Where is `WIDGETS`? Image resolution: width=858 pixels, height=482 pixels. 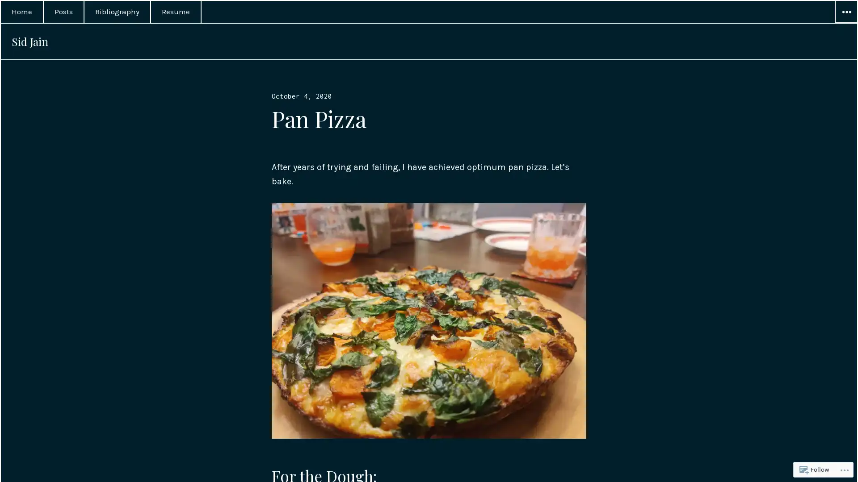 WIDGETS is located at coordinates (845, 12).